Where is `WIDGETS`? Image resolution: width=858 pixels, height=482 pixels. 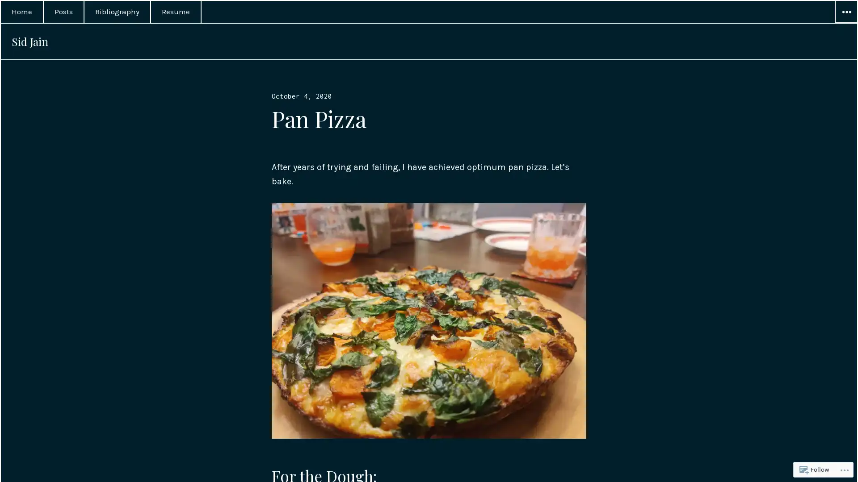 WIDGETS is located at coordinates (845, 12).